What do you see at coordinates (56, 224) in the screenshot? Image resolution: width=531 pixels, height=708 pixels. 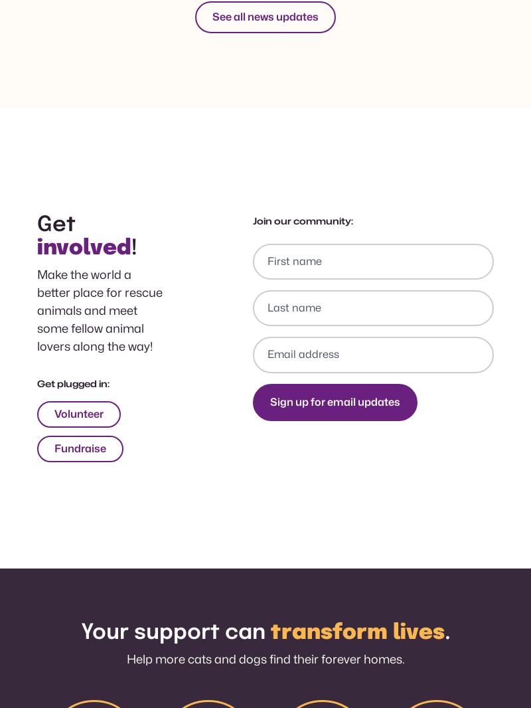 I see `'Get'` at bounding box center [56, 224].